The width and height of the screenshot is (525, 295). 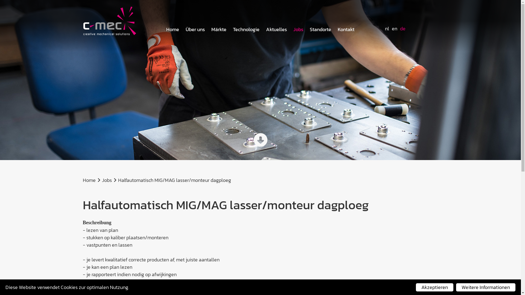 What do you see at coordinates (434, 287) in the screenshot?
I see `'Akzeptieren'` at bounding box center [434, 287].